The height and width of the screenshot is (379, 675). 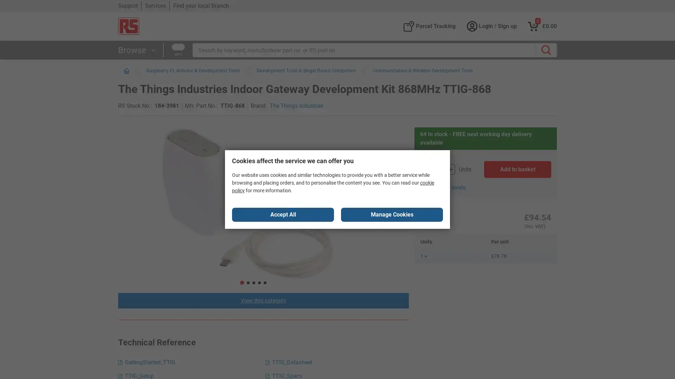 I want to click on Close consent Widget, so click(x=283, y=214).